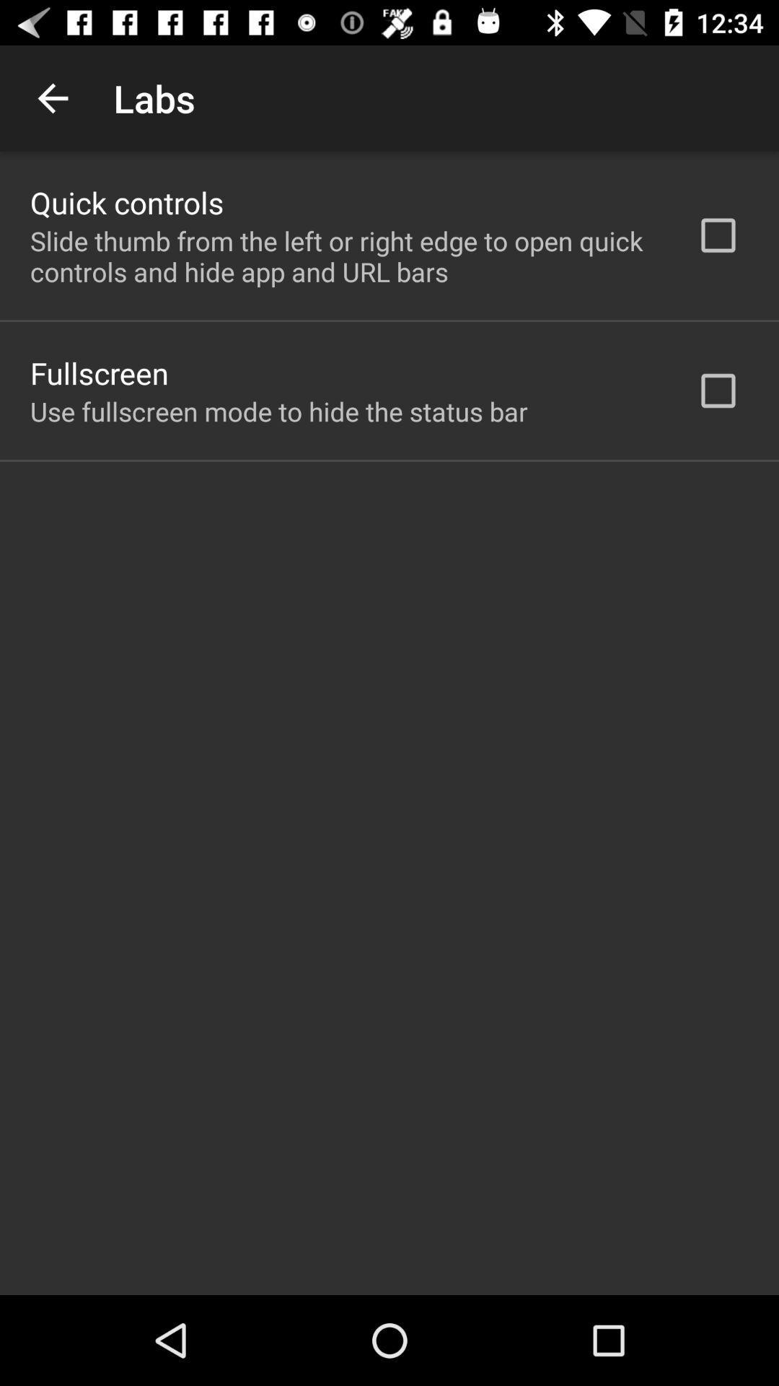 This screenshot has width=779, height=1386. Describe the element at coordinates (52, 97) in the screenshot. I see `the icon to the left of the labs app` at that location.